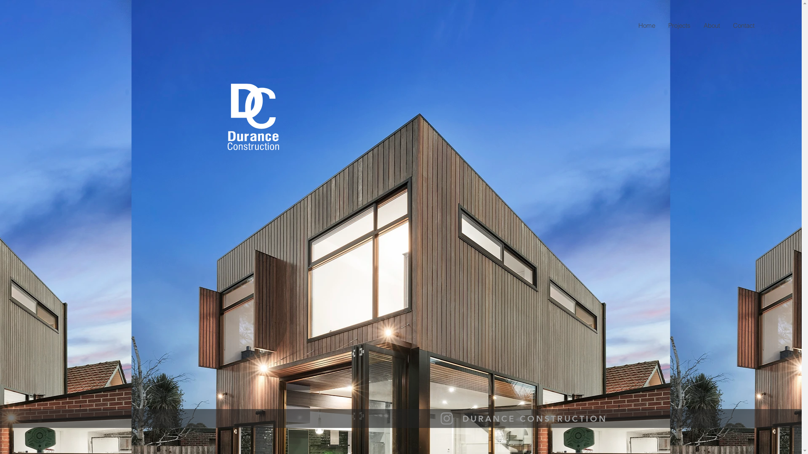 The image size is (808, 454). What do you see at coordinates (679, 25) in the screenshot?
I see `'Projects'` at bounding box center [679, 25].